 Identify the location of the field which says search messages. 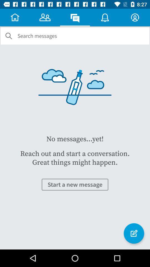
(37, 36).